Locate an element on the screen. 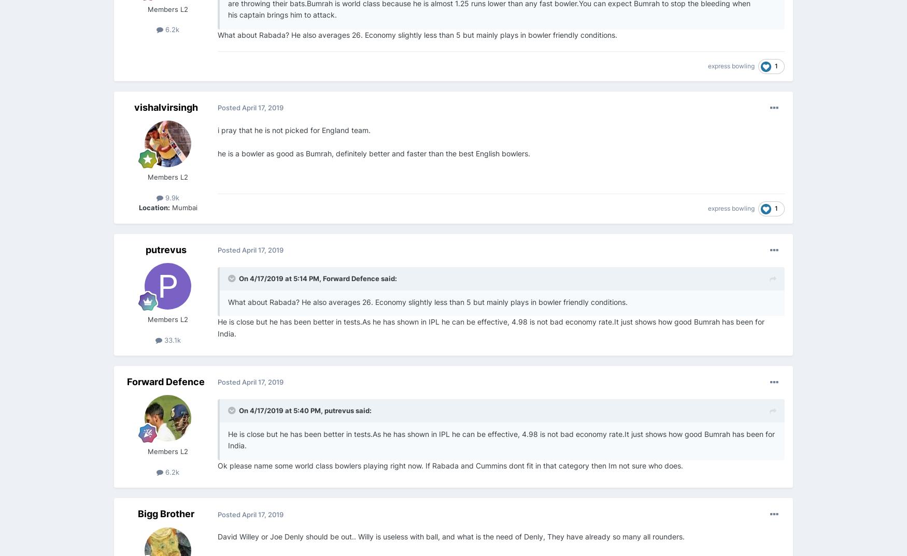 This screenshot has width=907, height=556. 'he is a bowler as good as Bumrah, definitely better and faster than the best English bowlers.' is located at coordinates (217, 153).